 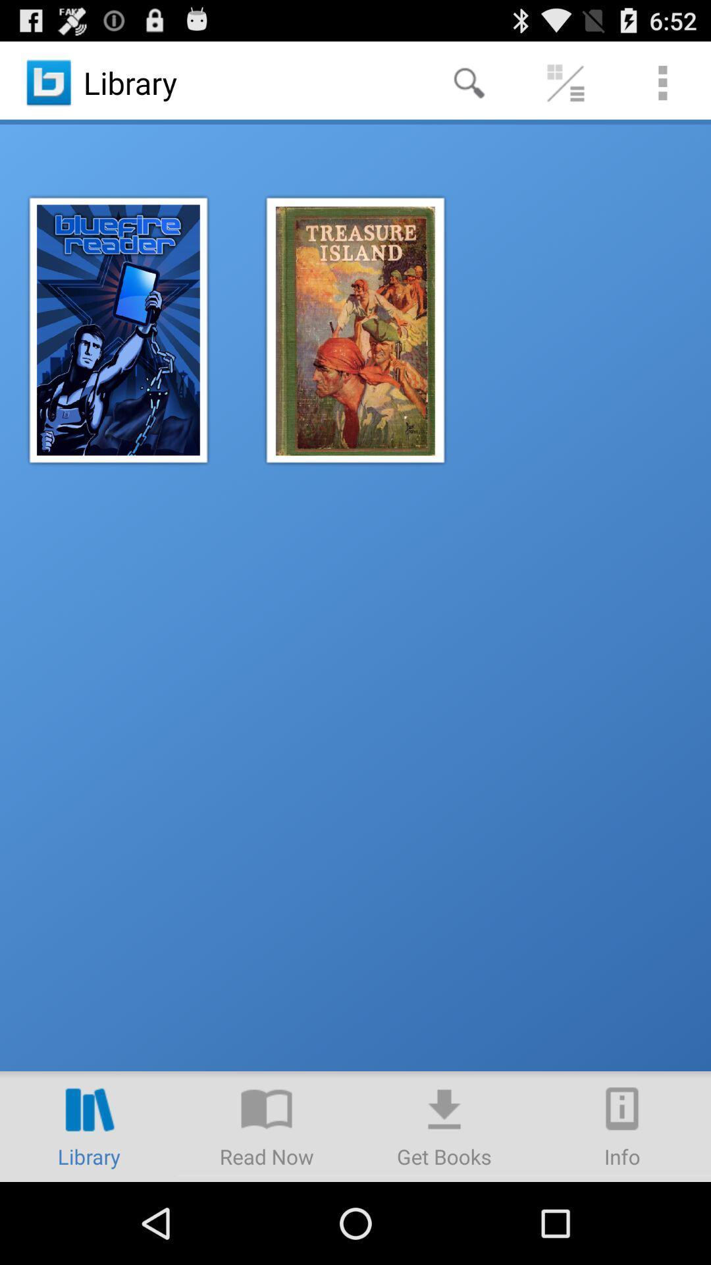 What do you see at coordinates (444, 1125) in the screenshot?
I see `download book choices` at bounding box center [444, 1125].